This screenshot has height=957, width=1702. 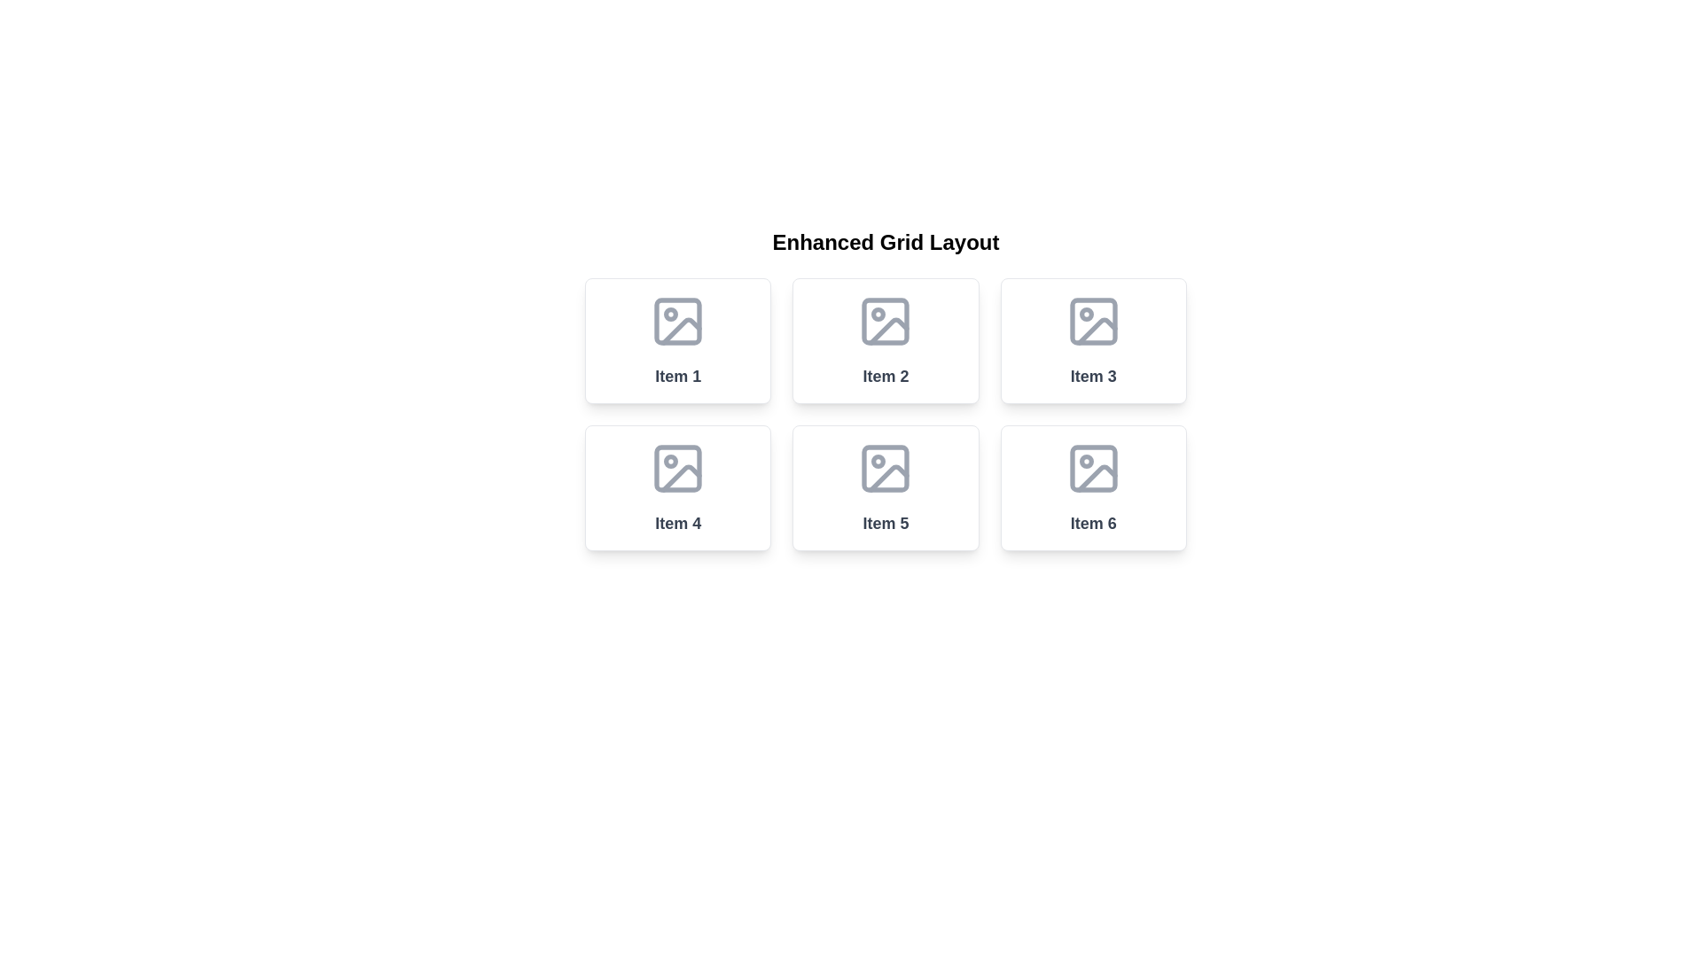 I want to click on the text label 'Item 5' in the second row and second column of the grid layout, so click(x=886, y=522).